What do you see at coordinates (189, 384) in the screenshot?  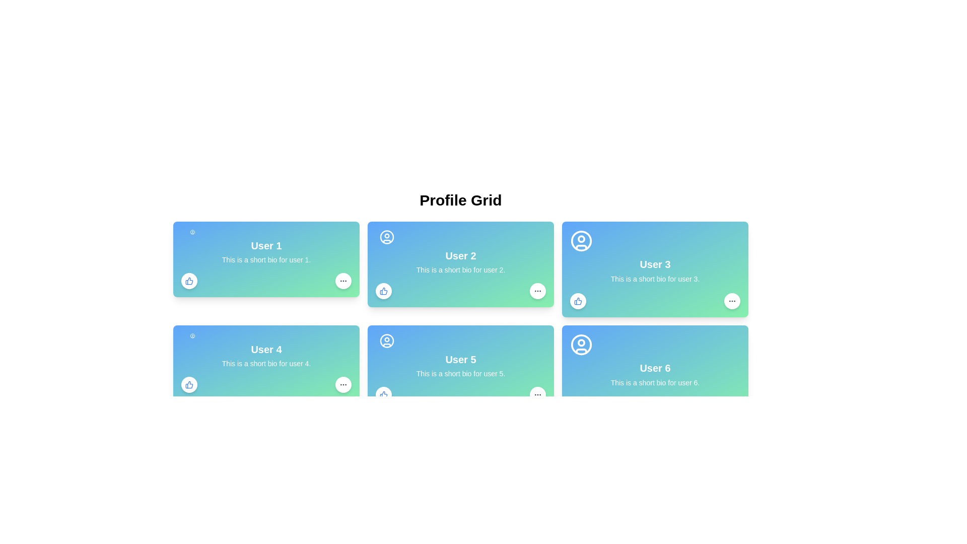 I see `the positive feedback icon located at the bottom-left corner of the card labeled 'User 4', below the bio text` at bounding box center [189, 384].